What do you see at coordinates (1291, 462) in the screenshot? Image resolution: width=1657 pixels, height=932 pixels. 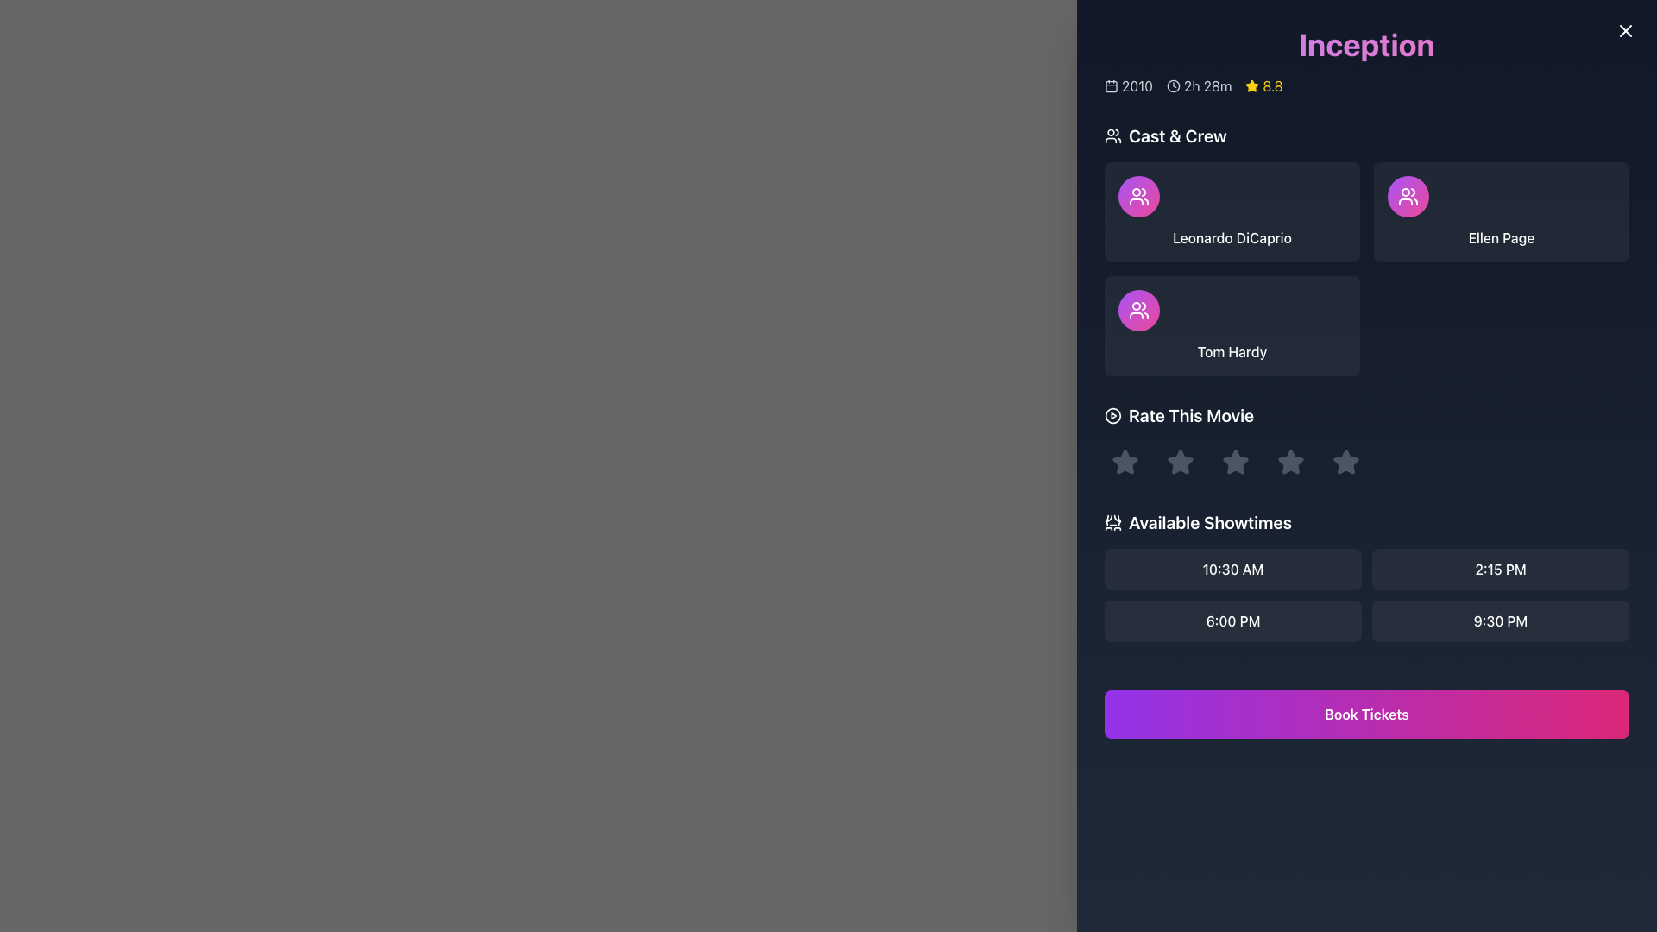 I see `the fourth filled star icon` at bounding box center [1291, 462].